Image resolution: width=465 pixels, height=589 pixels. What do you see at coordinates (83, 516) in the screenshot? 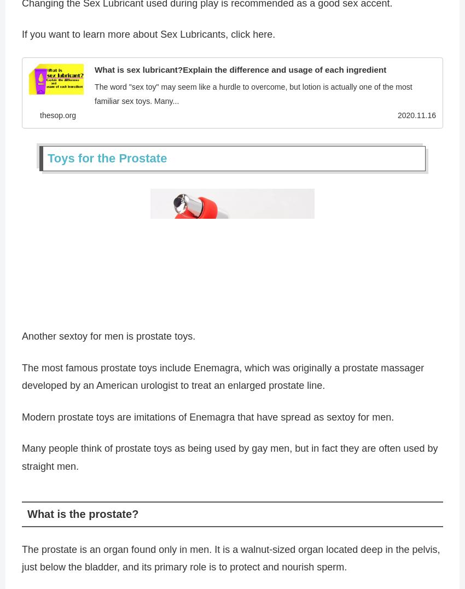
I see `'What is the prostate?'` at bounding box center [83, 516].